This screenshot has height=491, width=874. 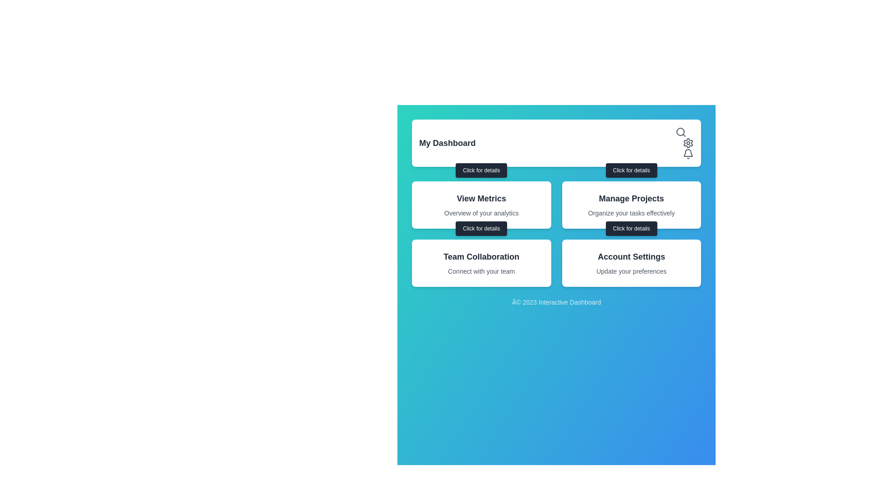 What do you see at coordinates (681, 132) in the screenshot?
I see `the search icon located at the top-right corner of the interface` at bounding box center [681, 132].